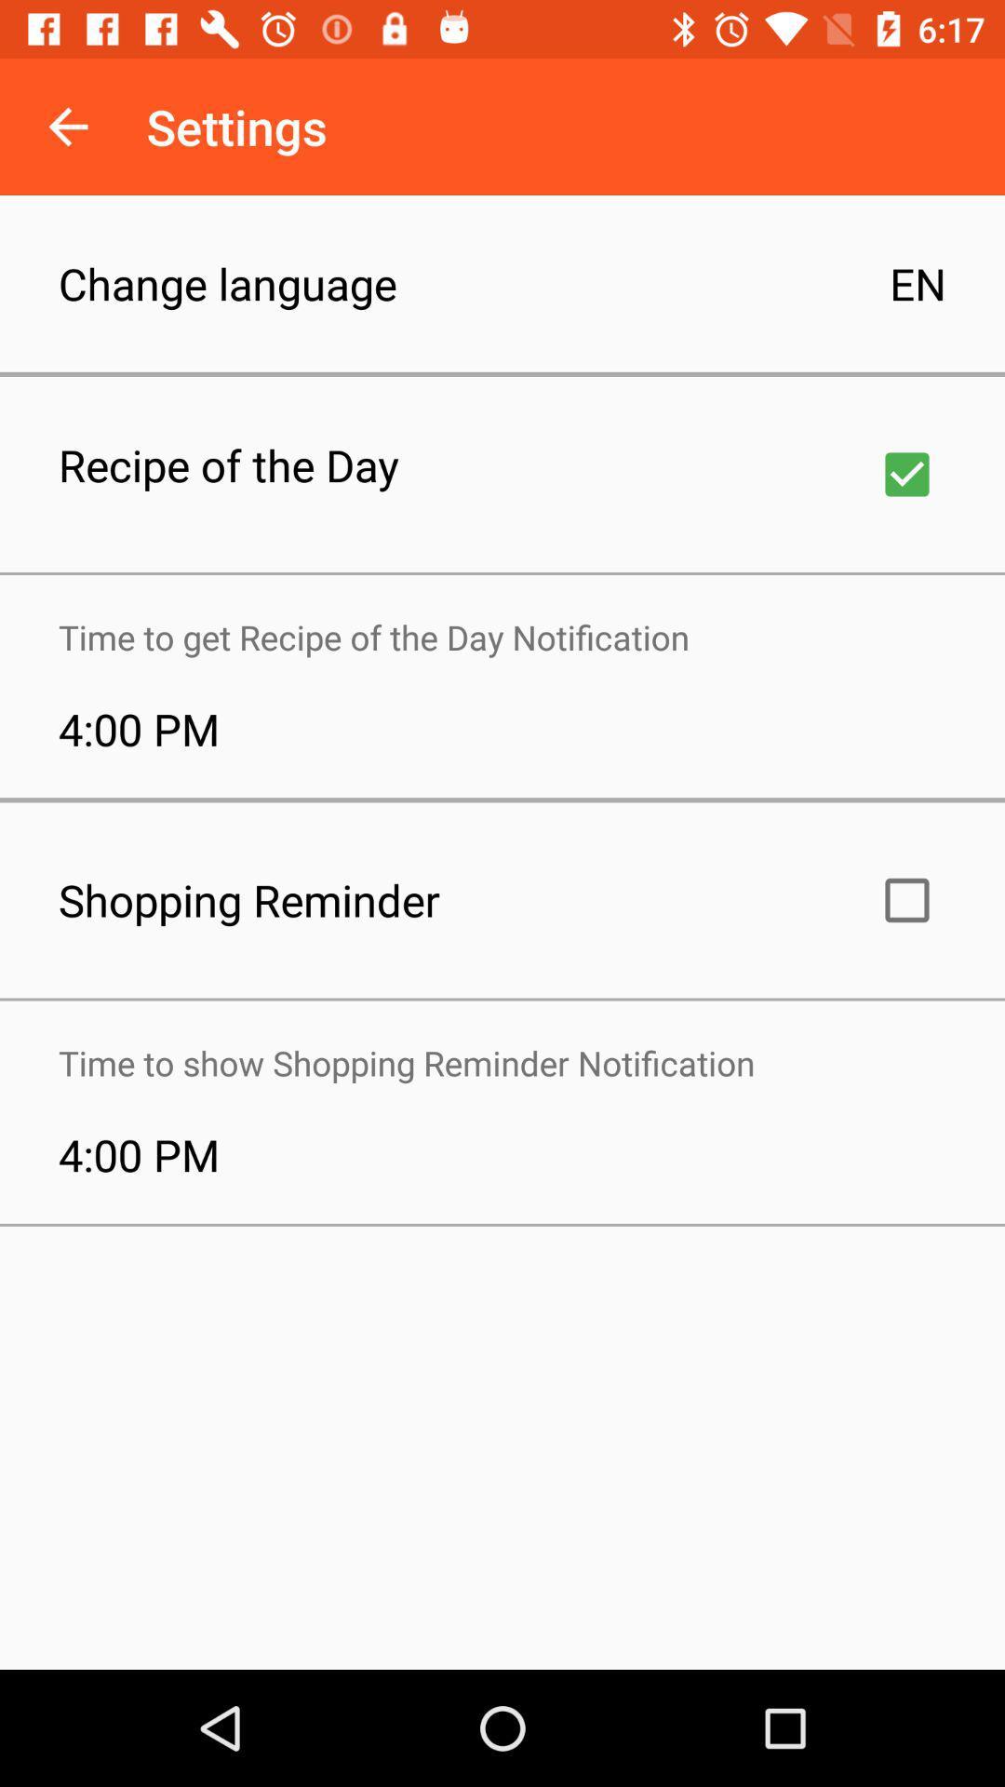 The image size is (1005, 1787). I want to click on app to the left of settings app, so click(67, 126).